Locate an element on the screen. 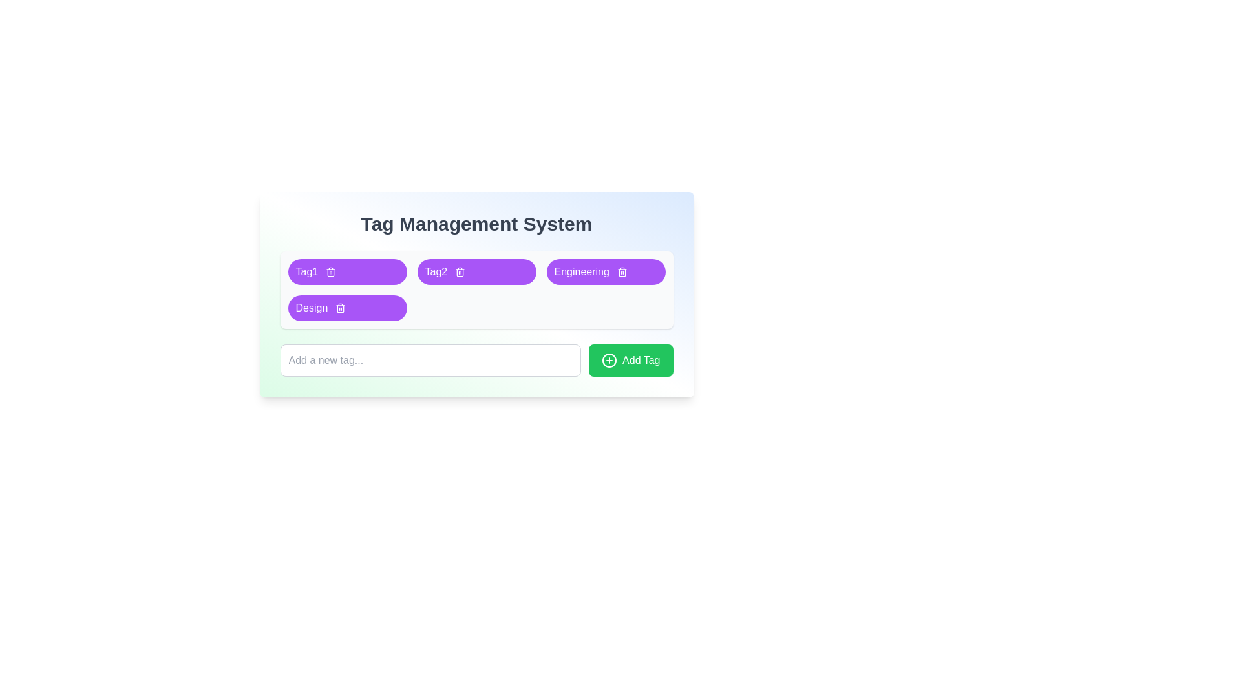 This screenshot has height=698, width=1241. the 'Add Tag' button, which is a green button with white text and a circular plus icon, located at the rightmost position next to the input field labeled 'Add a new tag...' is located at coordinates (631, 361).